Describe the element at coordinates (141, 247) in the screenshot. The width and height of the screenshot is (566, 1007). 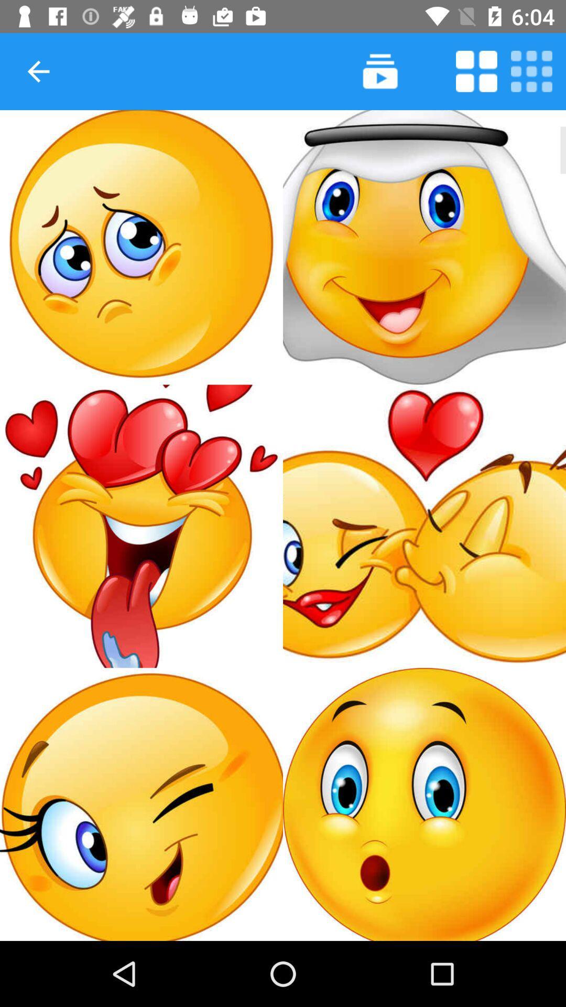
I see `sad emoji` at that location.